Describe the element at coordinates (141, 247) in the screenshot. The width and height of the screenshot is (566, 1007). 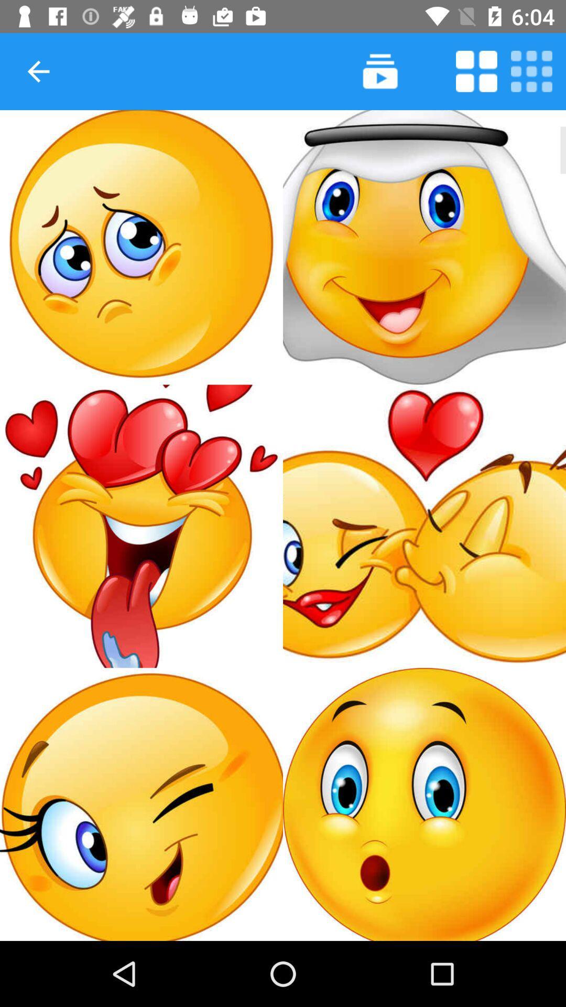
I see `sad emoji` at that location.